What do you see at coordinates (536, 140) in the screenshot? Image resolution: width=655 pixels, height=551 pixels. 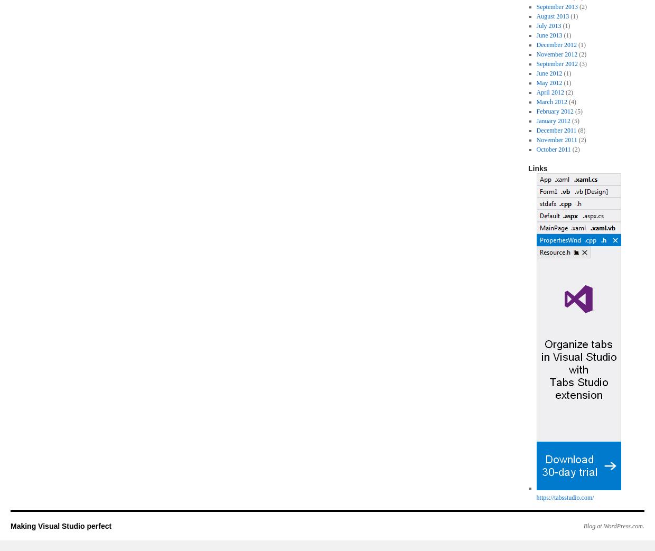 I see `'November 2011'` at bounding box center [536, 140].